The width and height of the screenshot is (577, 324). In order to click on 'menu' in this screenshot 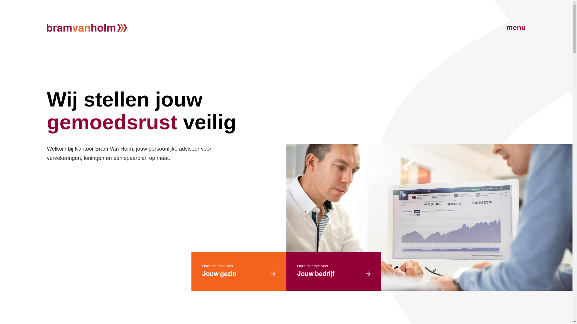, I will do `click(502, 28)`.